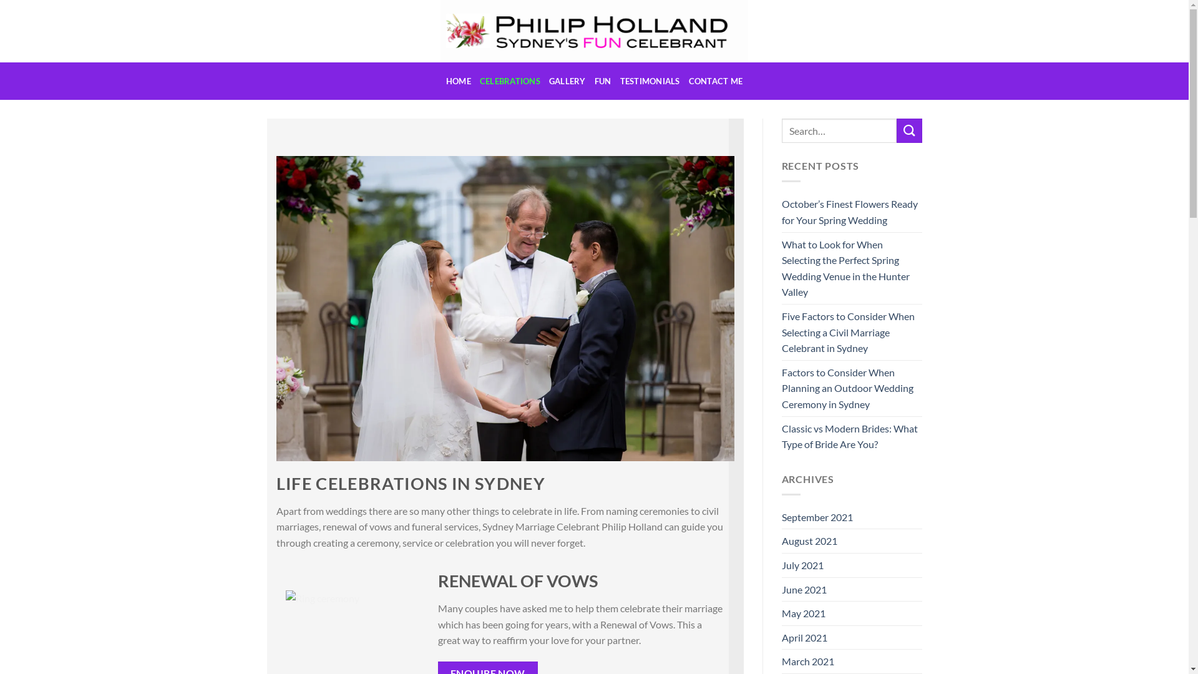  Describe the element at coordinates (603, 81) in the screenshot. I see `'FUN'` at that location.